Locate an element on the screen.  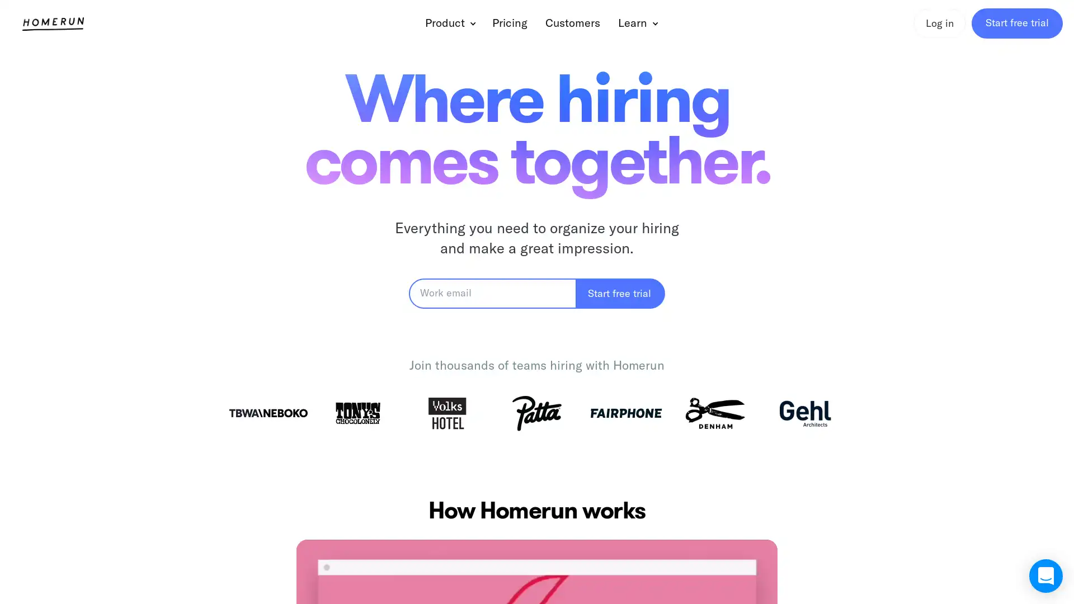
Start free trial is located at coordinates (620, 292).